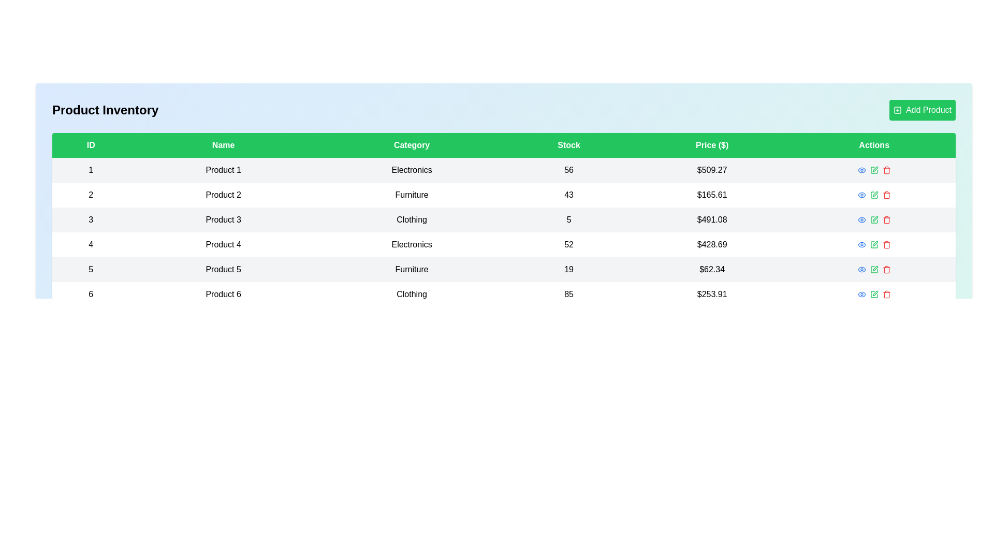  What do you see at coordinates (568, 145) in the screenshot?
I see `the column header to sort the table by Stock` at bounding box center [568, 145].